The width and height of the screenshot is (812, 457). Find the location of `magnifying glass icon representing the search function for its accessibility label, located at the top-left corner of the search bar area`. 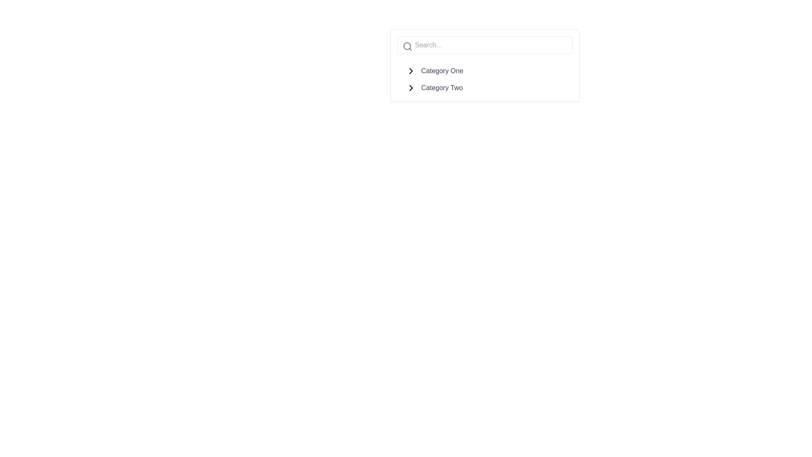

magnifying glass icon representing the search function for its accessibility label, located at the top-left corner of the search bar area is located at coordinates (408, 47).